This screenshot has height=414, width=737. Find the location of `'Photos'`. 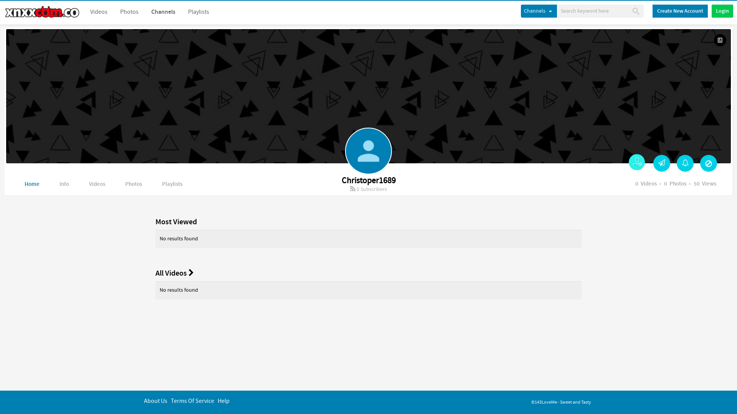

'Photos' is located at coordinates (129, 12).